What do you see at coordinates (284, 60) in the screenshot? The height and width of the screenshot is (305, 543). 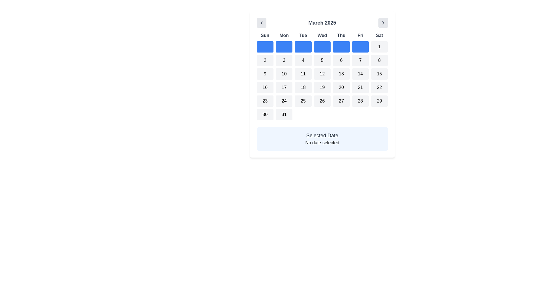 I see `the clickable button representing the third day of March 2025 in the calendar` at bounding box center [284, 60].